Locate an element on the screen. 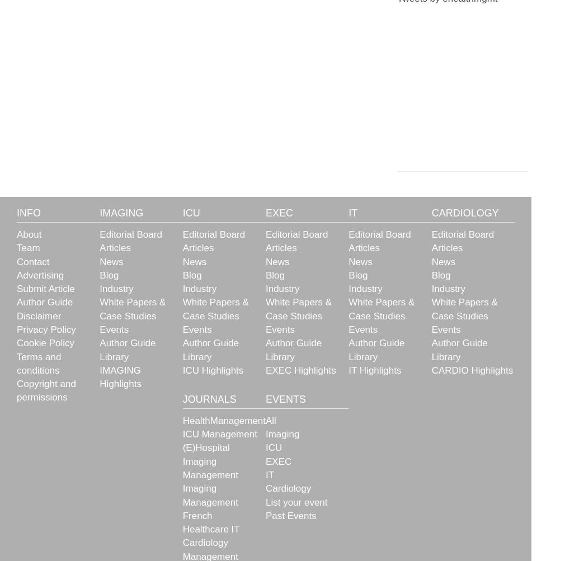  '(E)Hospital' is located at coordinates (206, 447).